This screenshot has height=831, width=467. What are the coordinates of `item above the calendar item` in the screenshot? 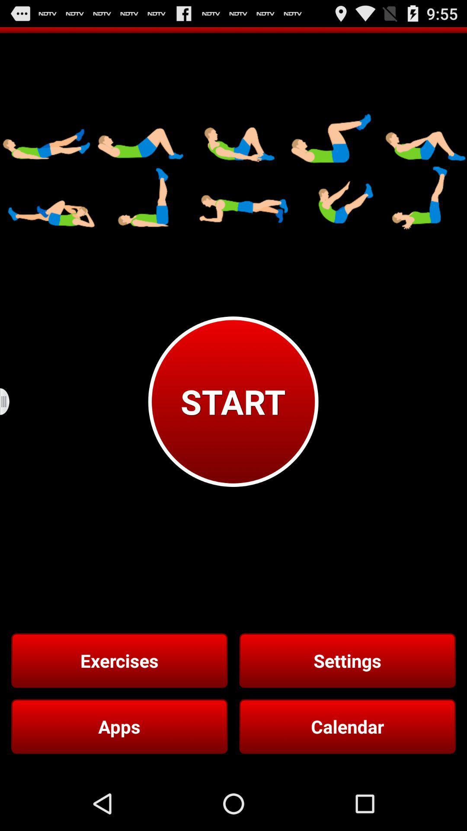 It's located at (347, 660).